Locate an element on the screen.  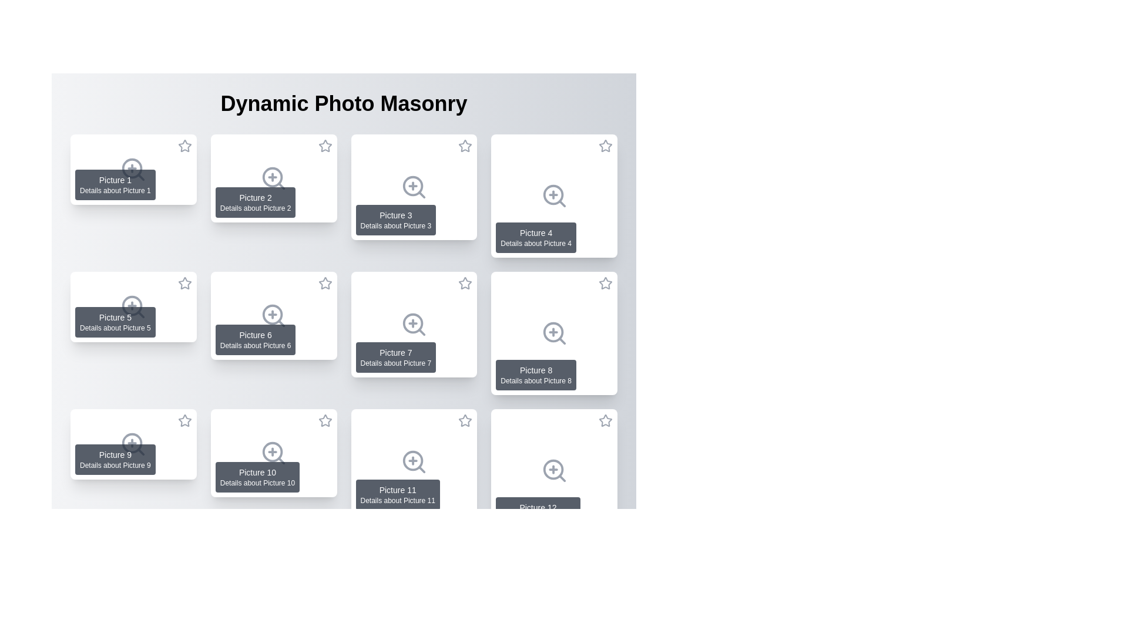
the magnifying glass icon associated with 'Picture 1' to initiate zoom-in functionality is located at coordinates (132, 168).